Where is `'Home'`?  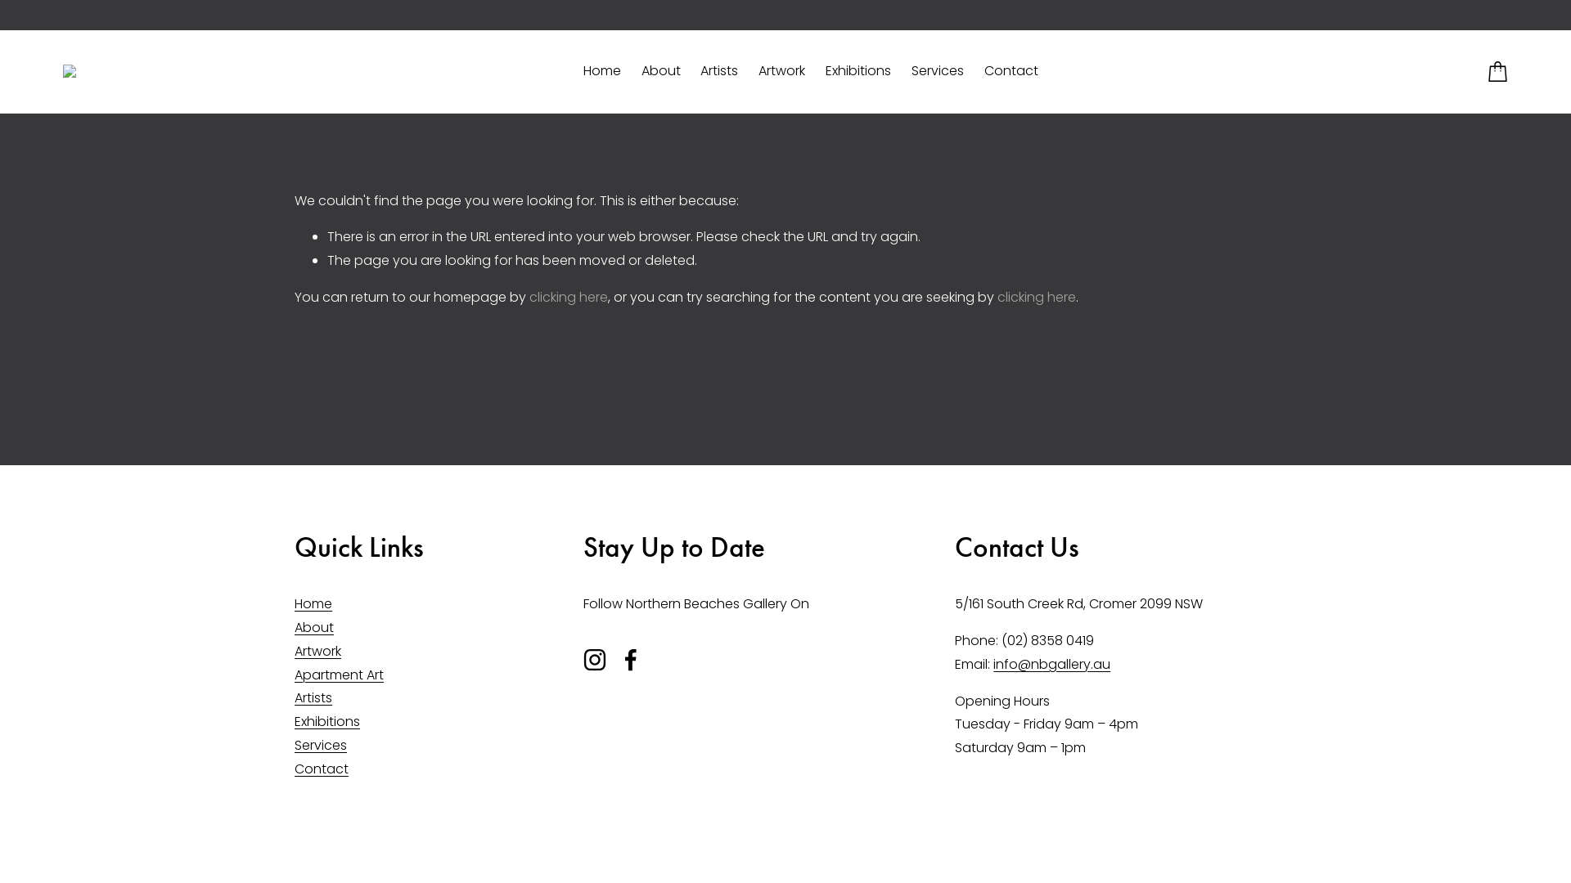
'Home' is located at coordinates (601, 70).